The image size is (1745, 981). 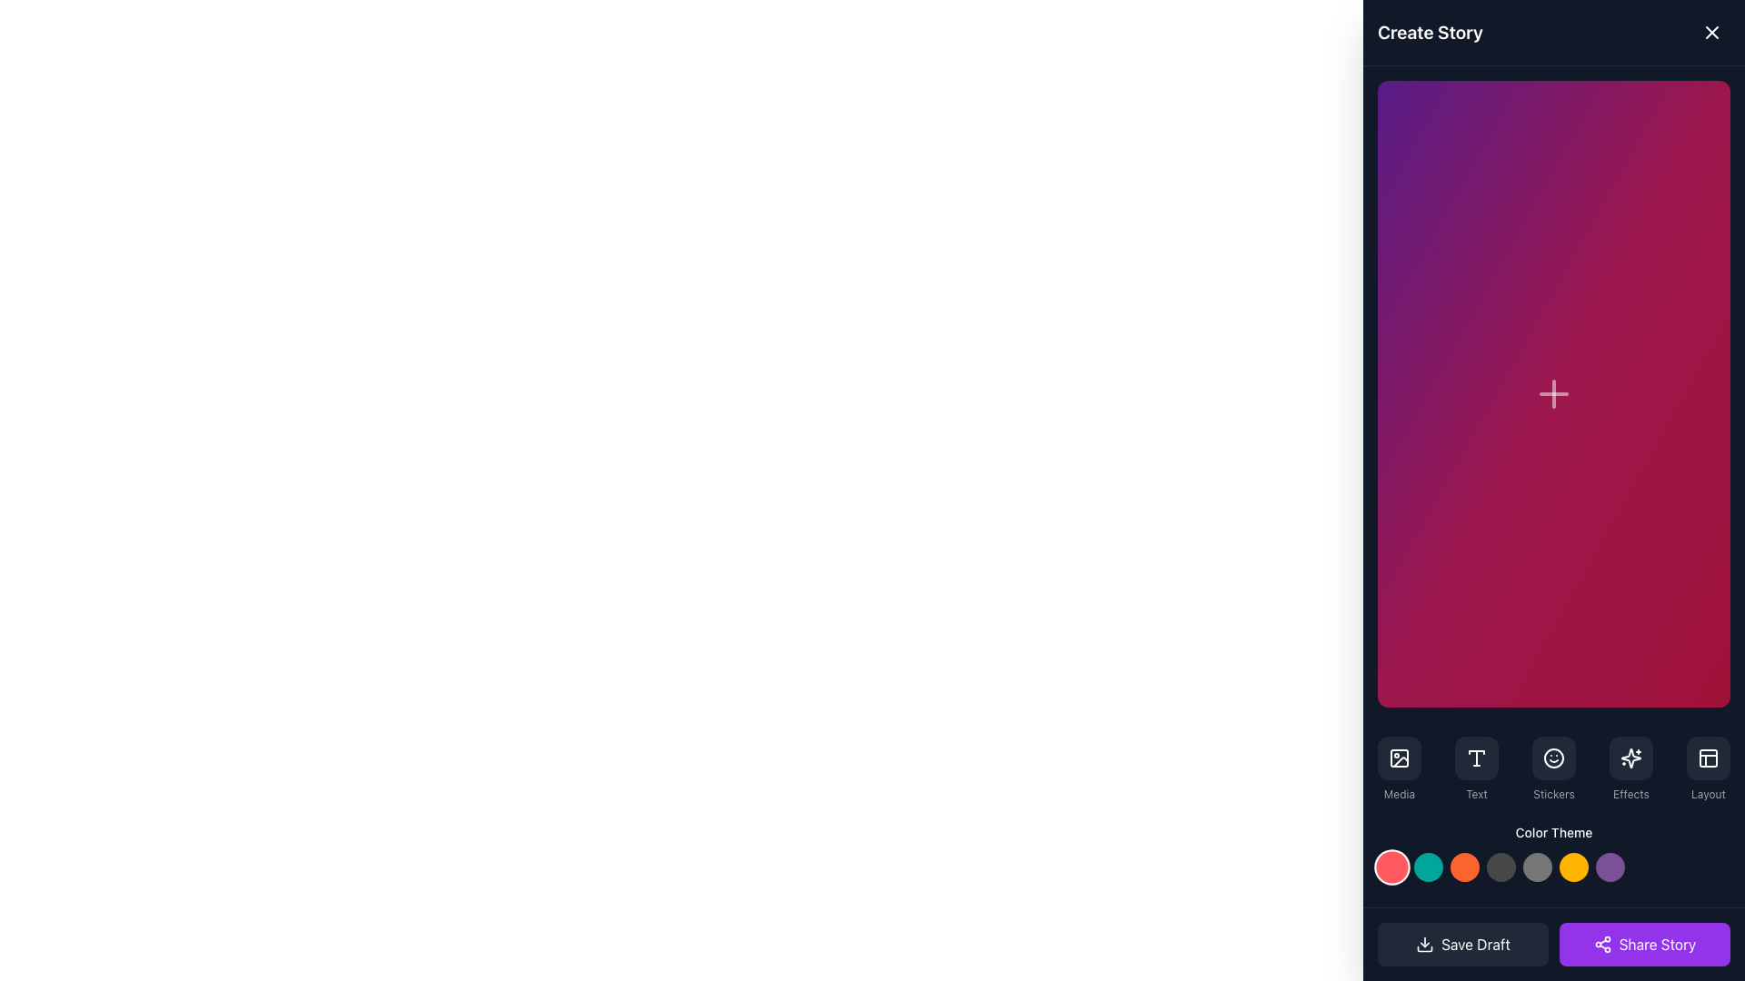 What do you see at coordinates (1399, 768) in the screenshot?
I see `the leftmost button on the bottom toolbar that allows users` at bounding box center [1399, 768].